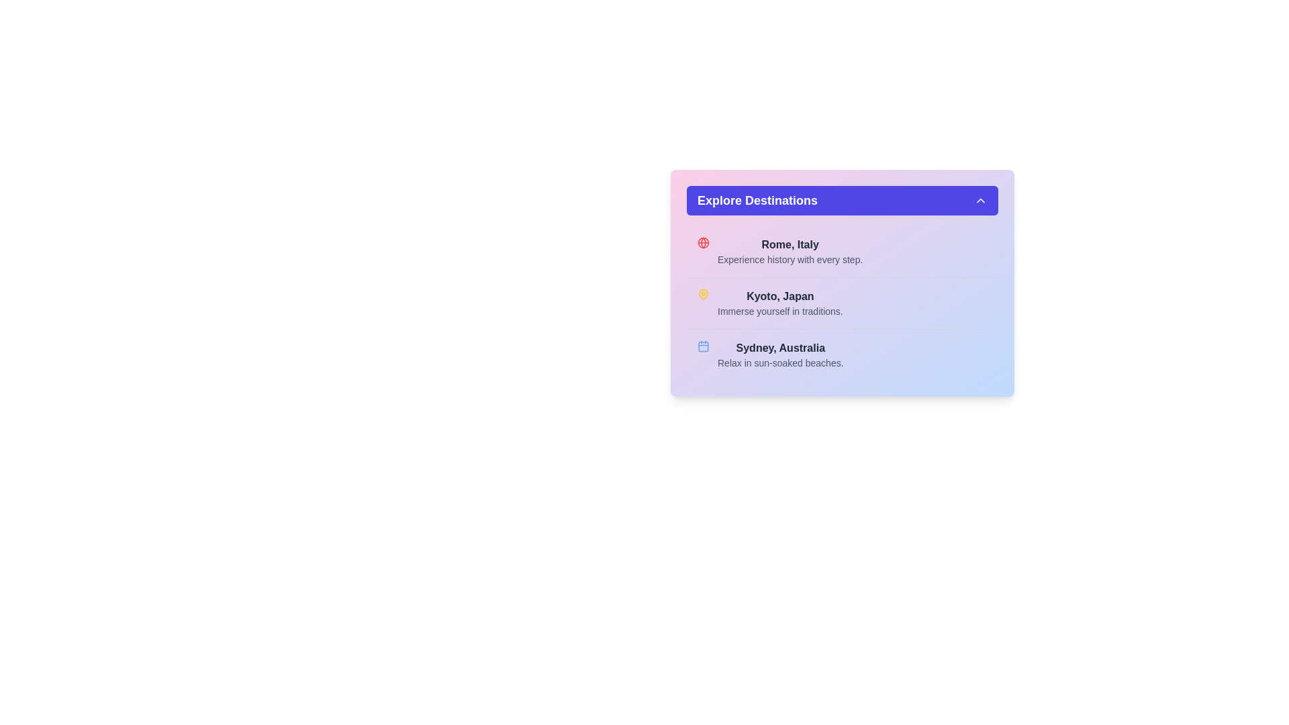 The width and height of the screenshot is (1289, 725). What do you see at coordinates (702, 243) in the screenshot?
I see `the circular globe icon with red lines and perimeter, located to the left of the text 'Rome, Italy' in the destinations list` at bounding box center [702, 243].